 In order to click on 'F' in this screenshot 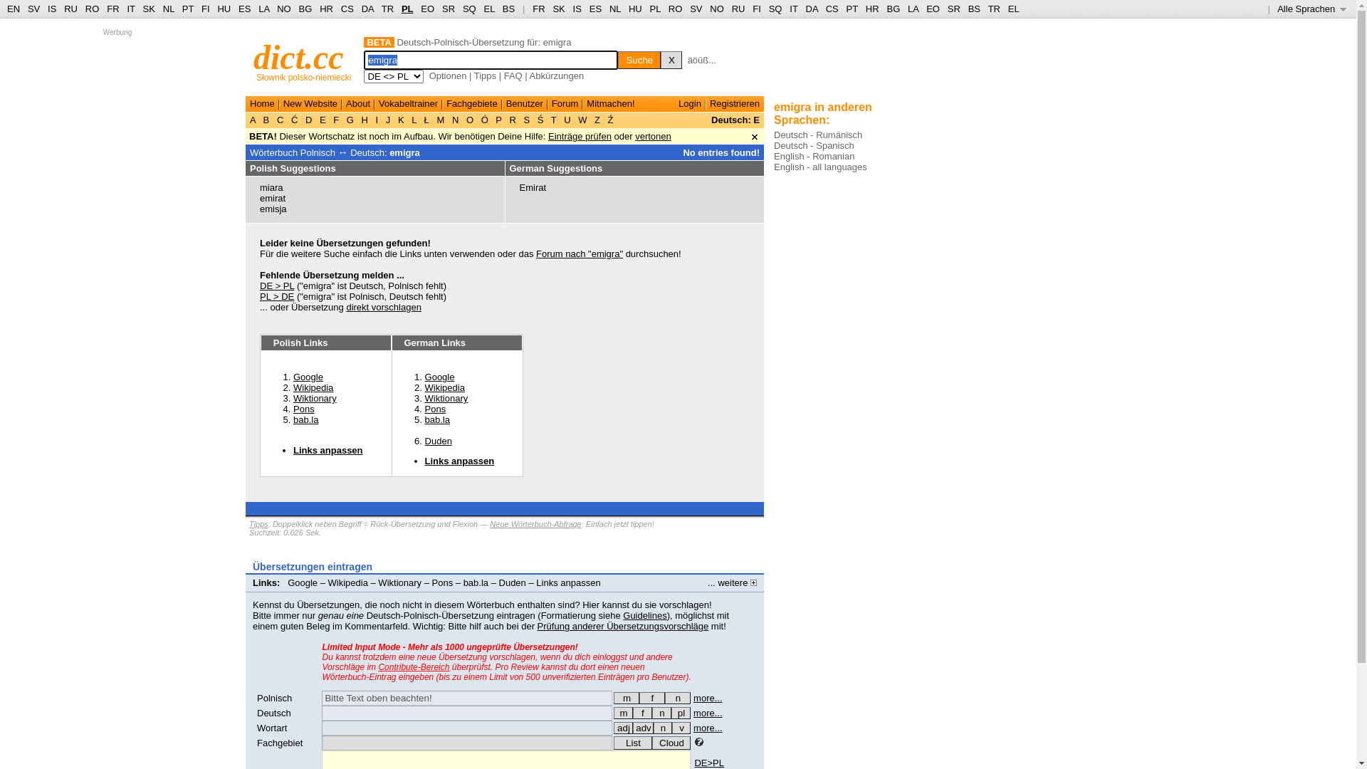, I will do `click(335, 119)`.